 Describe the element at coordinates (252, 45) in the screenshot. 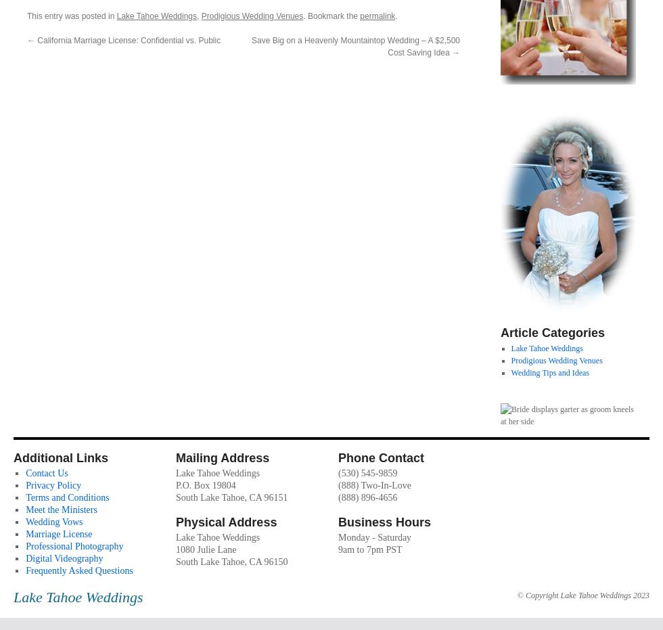

I see `'Save Big on a Heavenly Mountaintop Wedding – A $2,500 Cost Saving Idea'` at that location.